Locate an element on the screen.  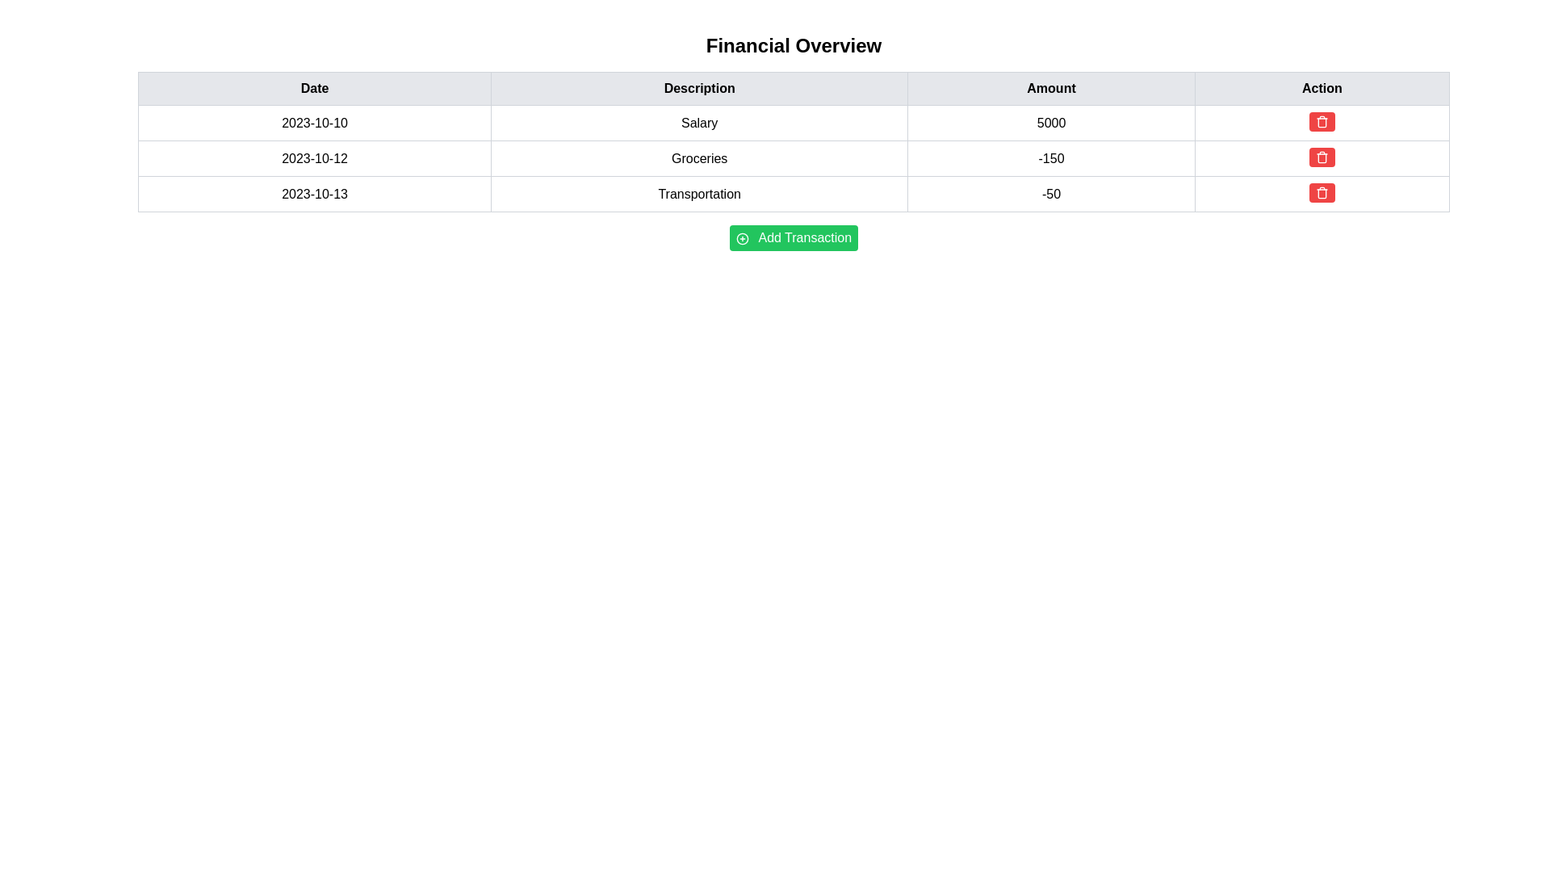
the delete button located in the fourth cell of the second row of the financial overview table associated with 'Groceries' on '2023-10-12' is located at coordinates (1322, 158).